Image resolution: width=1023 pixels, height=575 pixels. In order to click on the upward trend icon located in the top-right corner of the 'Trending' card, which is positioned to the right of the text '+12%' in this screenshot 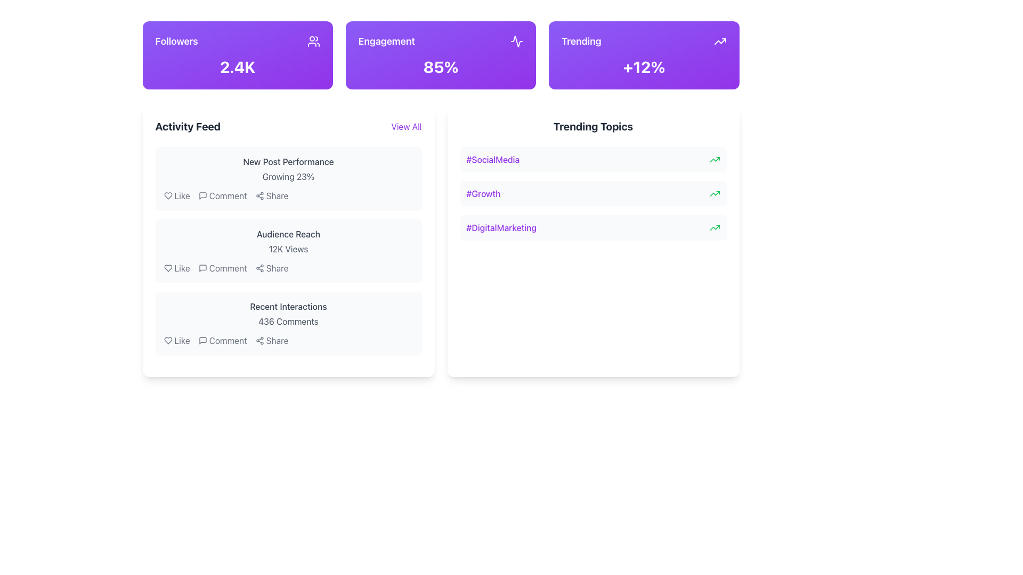, I will do `click(720, 40)`.